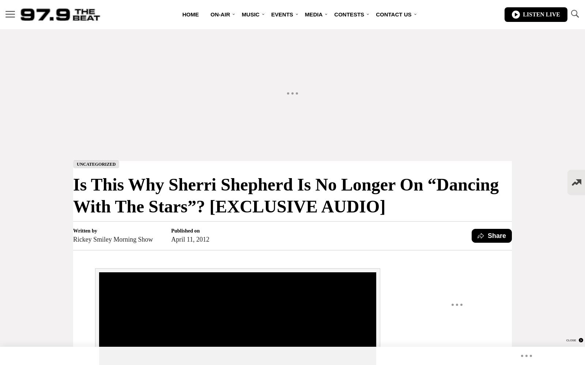 The height and width of the screenshot is (365, 585). What do you see at coordinates (85, 230) in the screenshot?
I see `'Written by'` at bounding box center [85, 230].